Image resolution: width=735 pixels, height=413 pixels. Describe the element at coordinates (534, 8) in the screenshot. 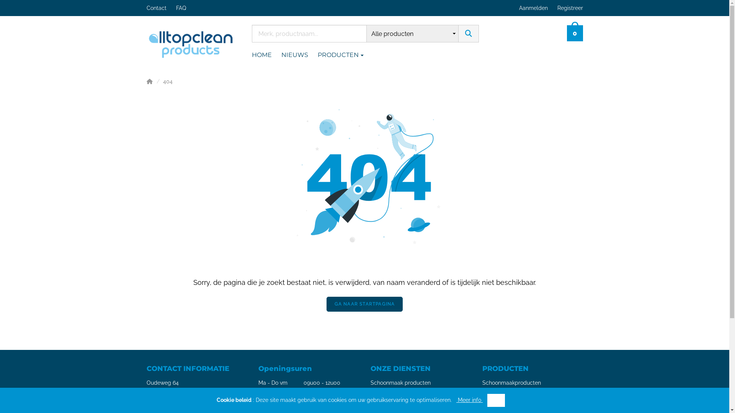

I see `'Aanmelden'` at that location.